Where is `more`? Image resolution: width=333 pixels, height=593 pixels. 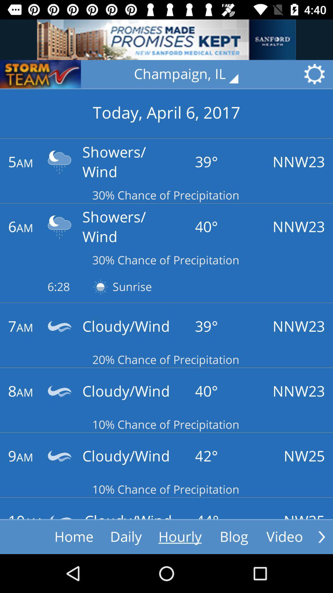 more is located at coordinates (321, 536).